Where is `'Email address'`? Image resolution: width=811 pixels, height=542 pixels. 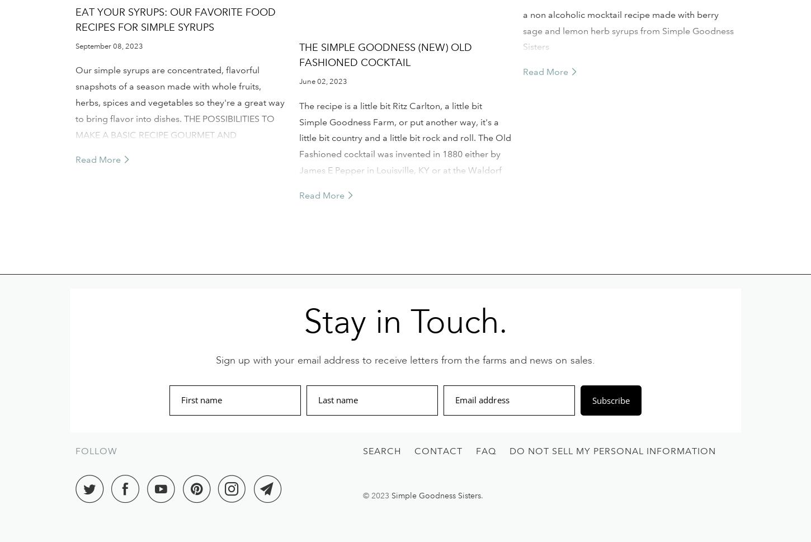
'Email address' is located at coordinates (481, 400).